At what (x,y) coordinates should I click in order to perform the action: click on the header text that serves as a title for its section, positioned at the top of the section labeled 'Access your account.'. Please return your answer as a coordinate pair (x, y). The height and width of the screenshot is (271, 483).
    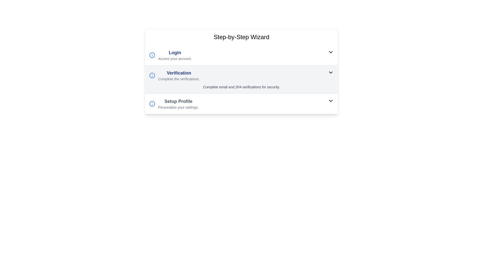
    Looking at the image, I should click on (175, 52).